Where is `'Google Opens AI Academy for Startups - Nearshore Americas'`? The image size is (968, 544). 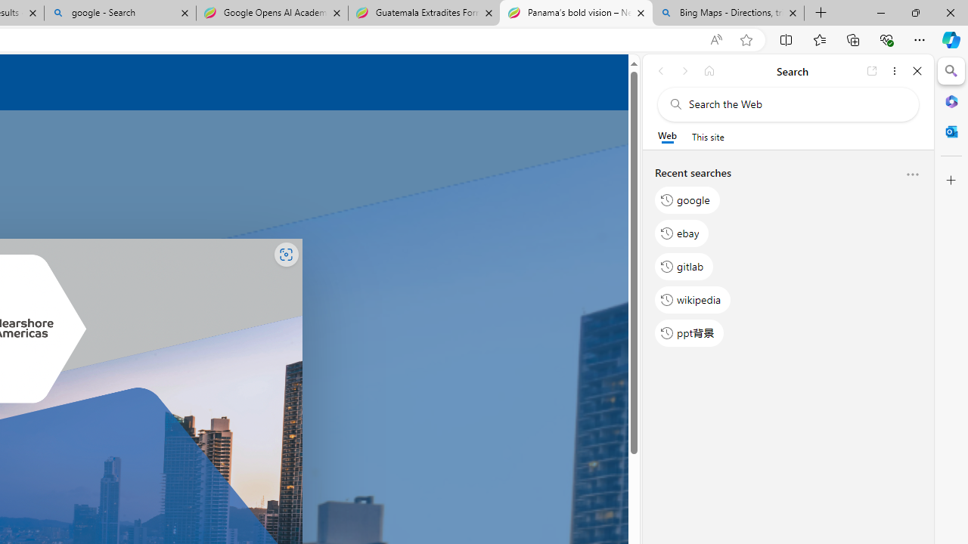 'Google Opens AI Academy for Startups - Nearshore Americas' is located at coordinates (271, 13).